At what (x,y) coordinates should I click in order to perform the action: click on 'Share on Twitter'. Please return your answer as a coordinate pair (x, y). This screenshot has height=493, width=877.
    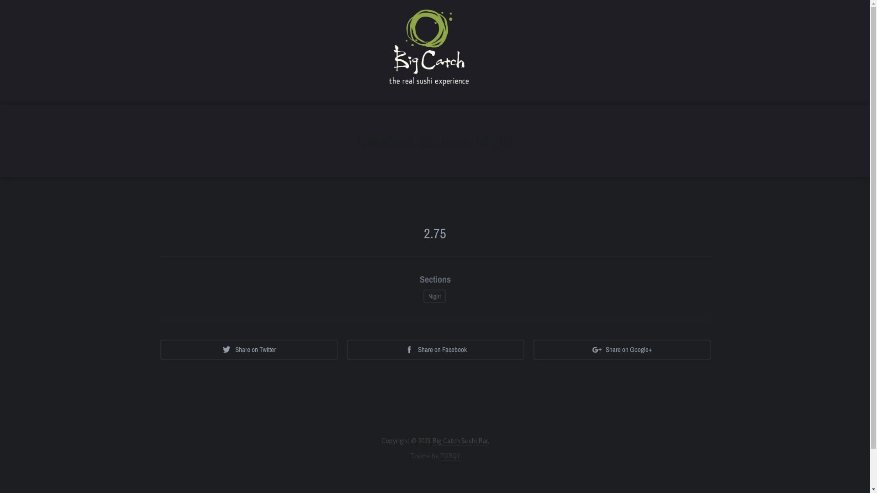
    Looking at the image, I should click on (248, 349).